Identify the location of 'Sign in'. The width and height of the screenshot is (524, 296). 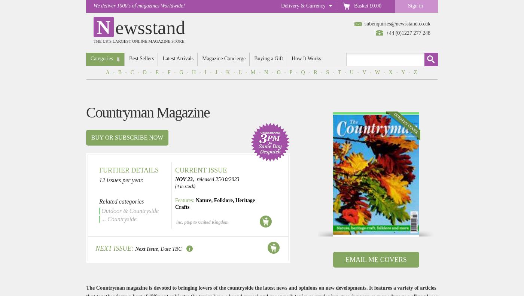
(415, 5).